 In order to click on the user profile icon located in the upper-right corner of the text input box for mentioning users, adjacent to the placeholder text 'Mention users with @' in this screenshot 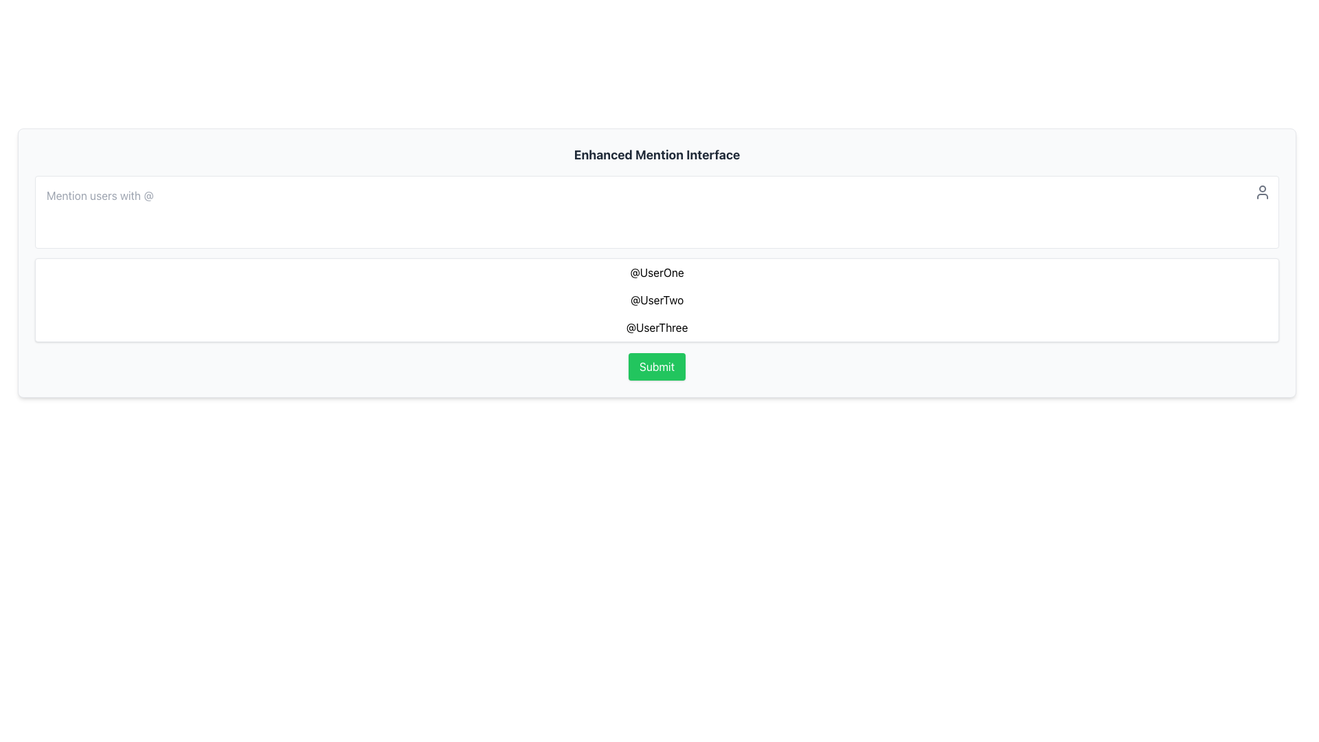, I will do `click(1263, 192)`.